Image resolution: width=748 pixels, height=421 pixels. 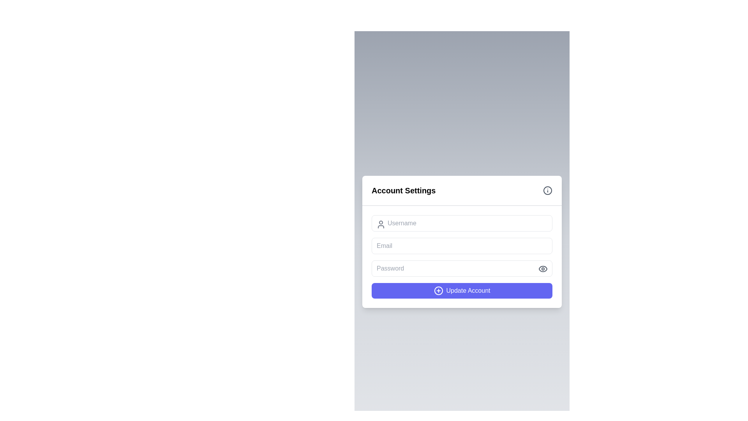 What do you see at coordinates (462, 290) in the screenshot?
I see `the rectangular button with a rich indigo background and white text that says 'Update Account', located centrally at the bottom of the form` at bounding box center [462, 290].